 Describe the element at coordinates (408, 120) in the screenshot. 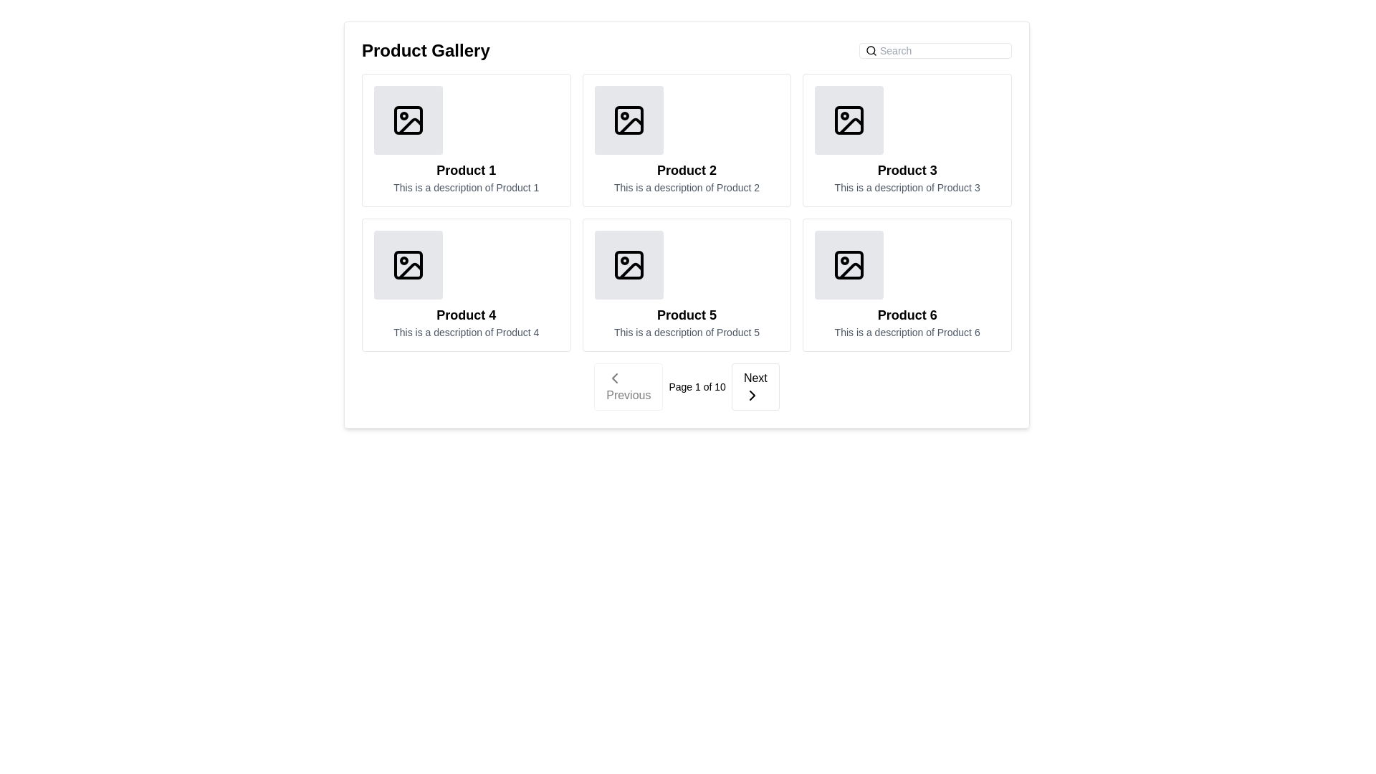

I see `the icon resembling a simplified image with a circular shape on the top-left and a diagonal line connecting the bottom-left to the top-right in the 'Product 1' section of the 'Product Gallery'` at that location.